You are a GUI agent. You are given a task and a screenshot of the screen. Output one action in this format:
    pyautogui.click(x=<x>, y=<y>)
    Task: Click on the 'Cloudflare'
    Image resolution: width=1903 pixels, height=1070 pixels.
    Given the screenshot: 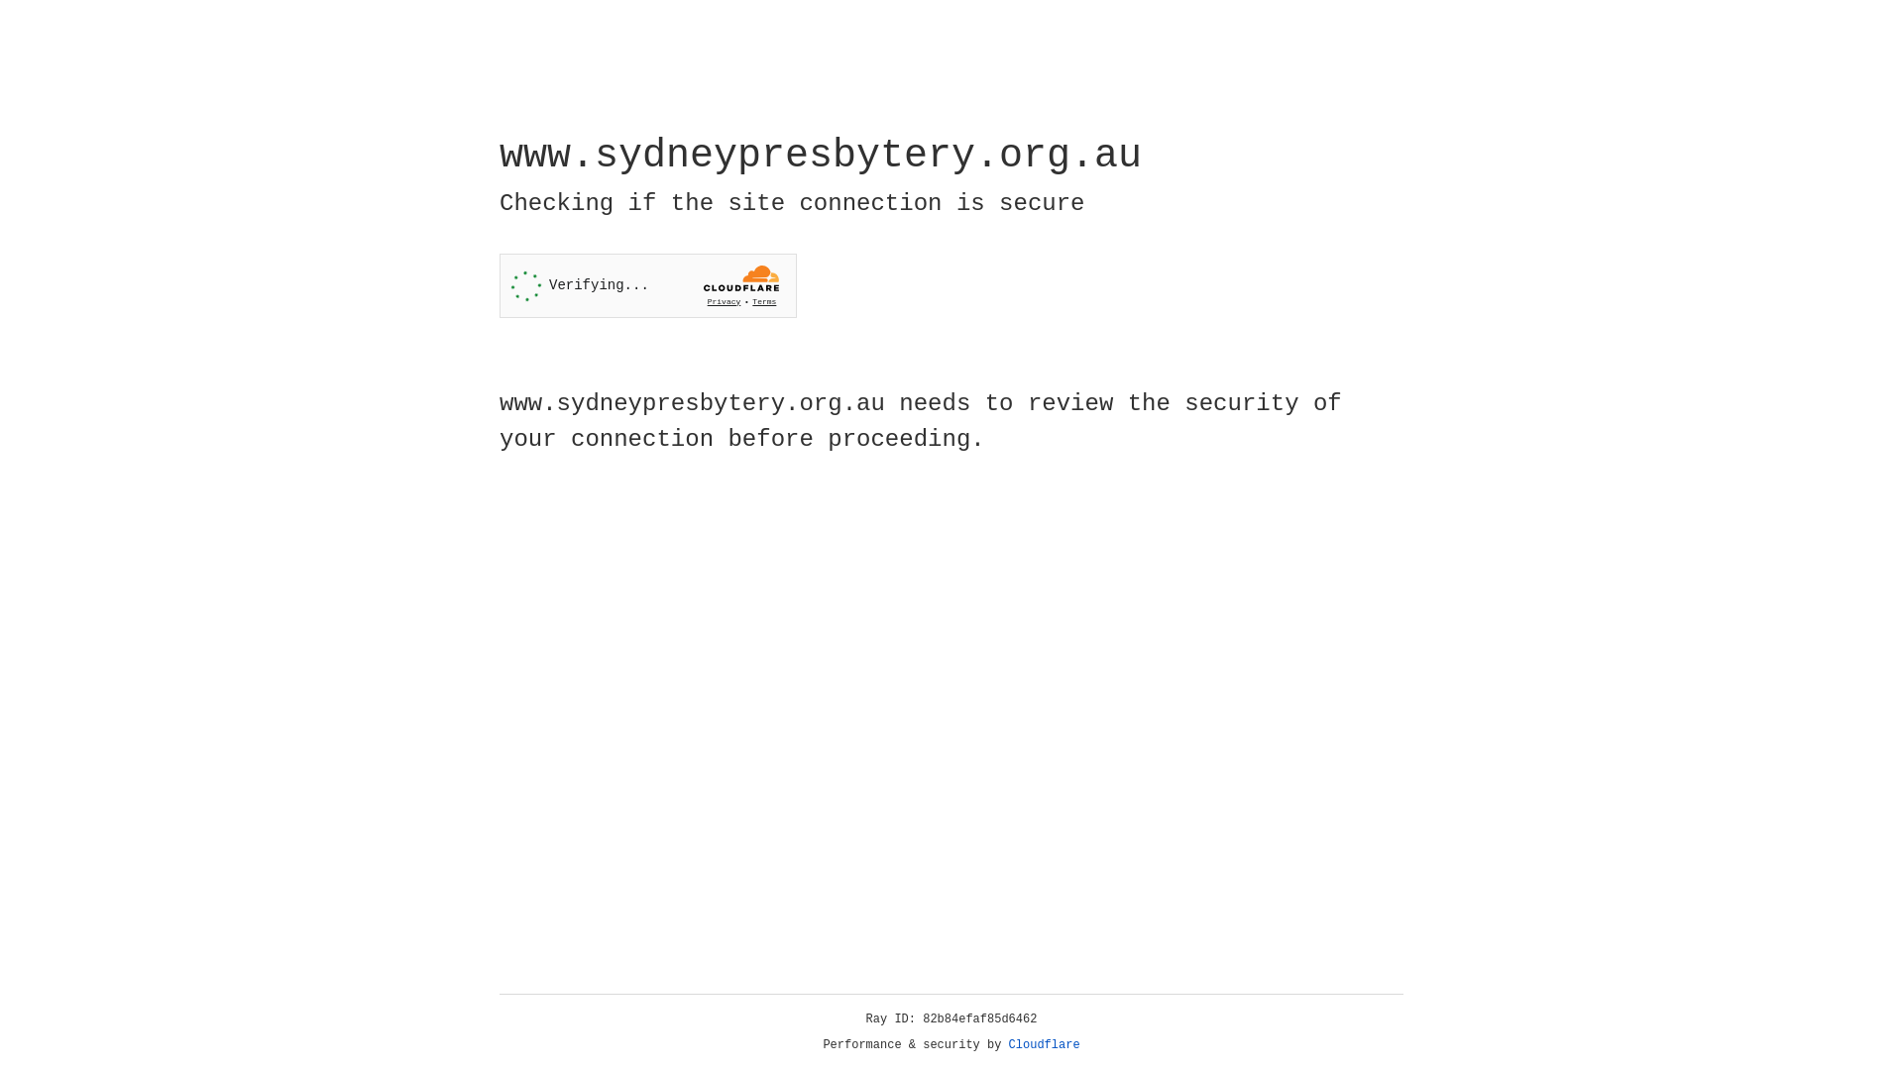 What is the action you would take?
    pyautogui.click(x=1044, y=1044)
    